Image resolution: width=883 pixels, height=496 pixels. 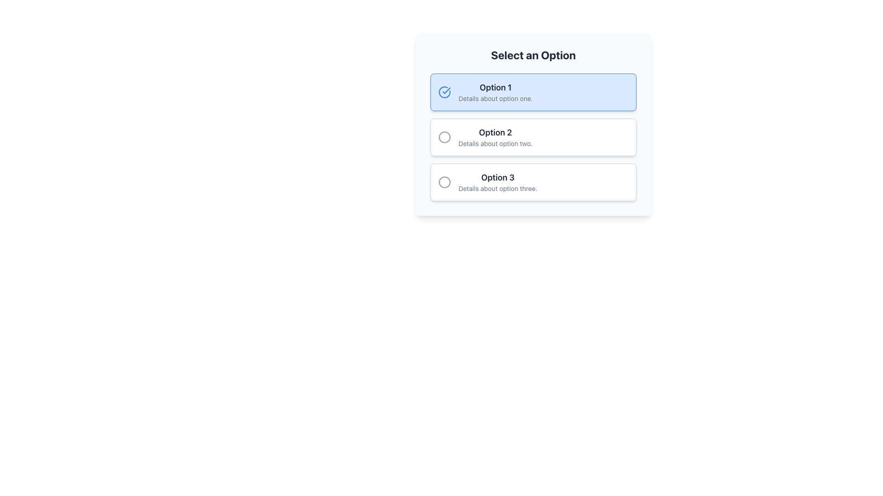 I want to click on the SVG graphic circle element that serves as a visual indicator for the second option ('Option 2'), so click(x=444, y=137).